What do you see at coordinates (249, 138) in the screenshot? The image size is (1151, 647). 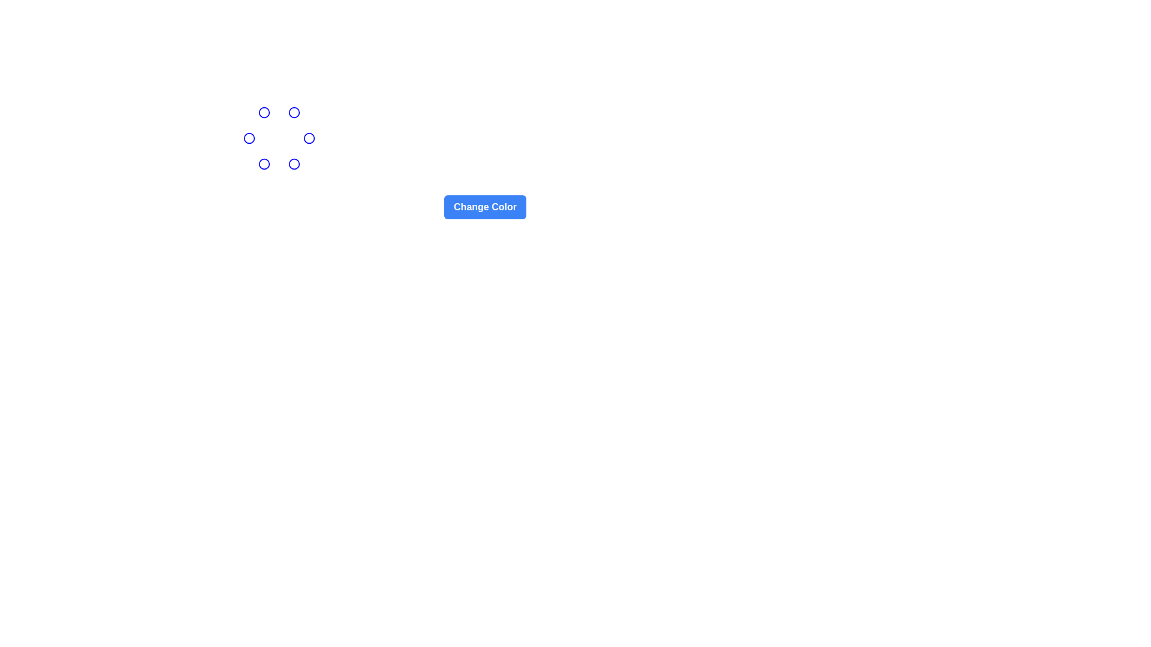 I see `the leftmost SVG circle graphic positioned in the left-middle section of a circular arrangement of elements` at bounding box center [249, 138].